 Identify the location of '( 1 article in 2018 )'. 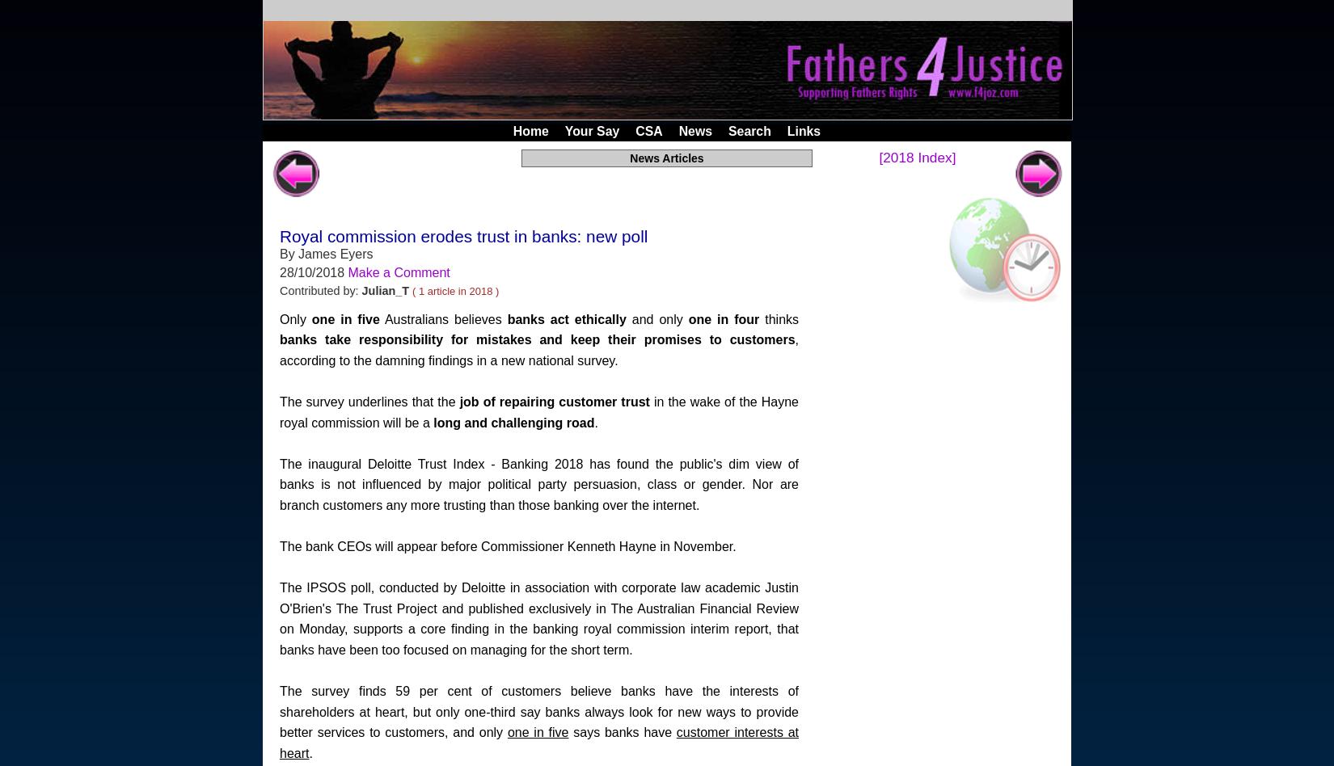
(454, 290).